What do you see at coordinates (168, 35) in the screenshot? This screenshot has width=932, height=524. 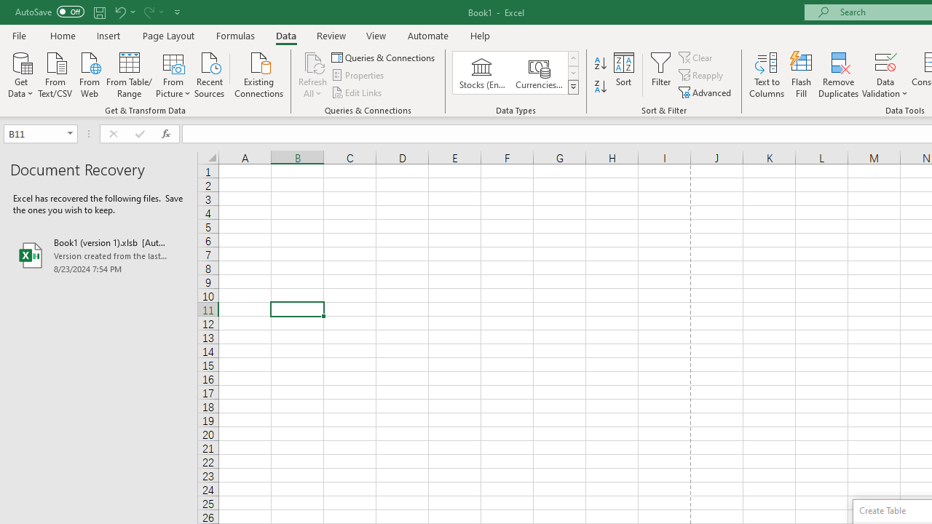 I see `'Page Layout'` at bounding box center [168, 35].